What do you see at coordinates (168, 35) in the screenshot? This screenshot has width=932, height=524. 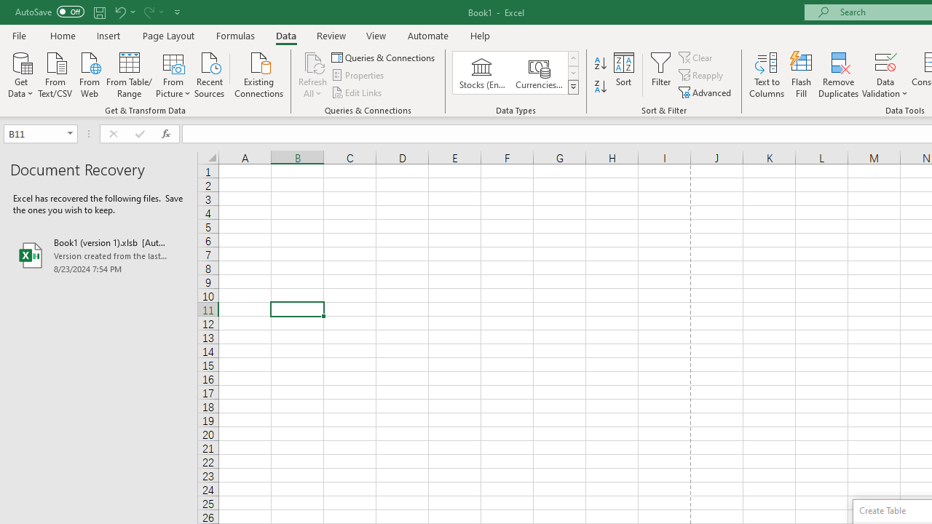 I see `'Page Layout'` at bounding box center [168, 35].